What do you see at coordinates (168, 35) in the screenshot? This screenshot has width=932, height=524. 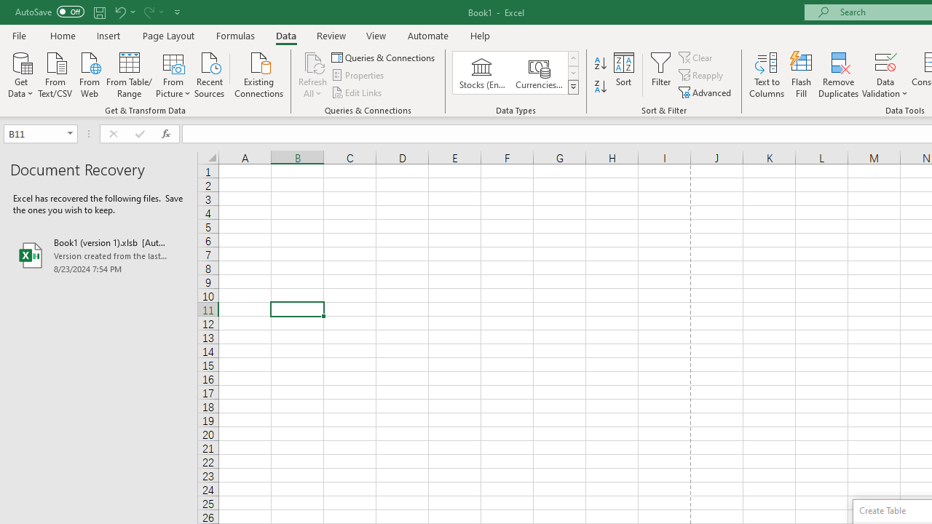 I see `'Page Layout'` at bounding box center [168, 35].